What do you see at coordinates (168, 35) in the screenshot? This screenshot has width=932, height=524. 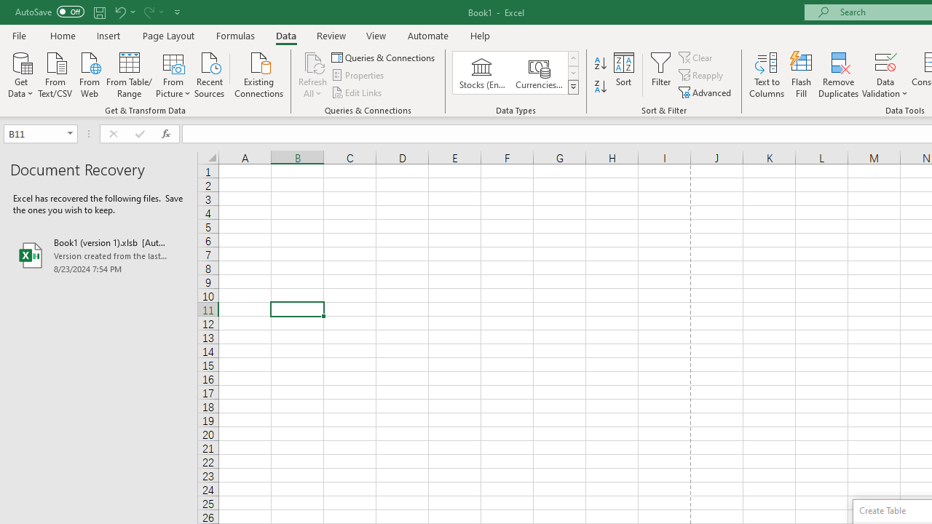 I see `'Page Layout'` at bounding box center [168, 35].